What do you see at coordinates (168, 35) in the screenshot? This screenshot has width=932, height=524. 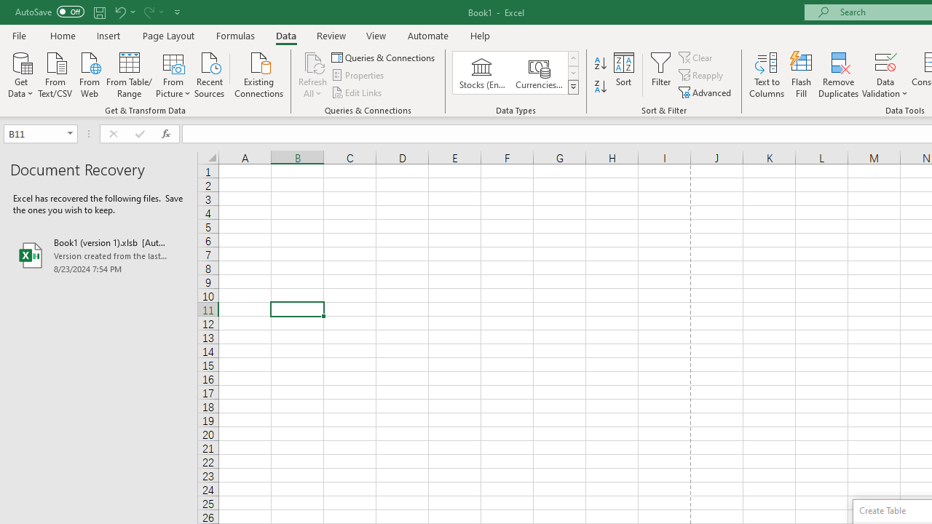 I see `'Page Layout'` at bounding box center [168, 35].